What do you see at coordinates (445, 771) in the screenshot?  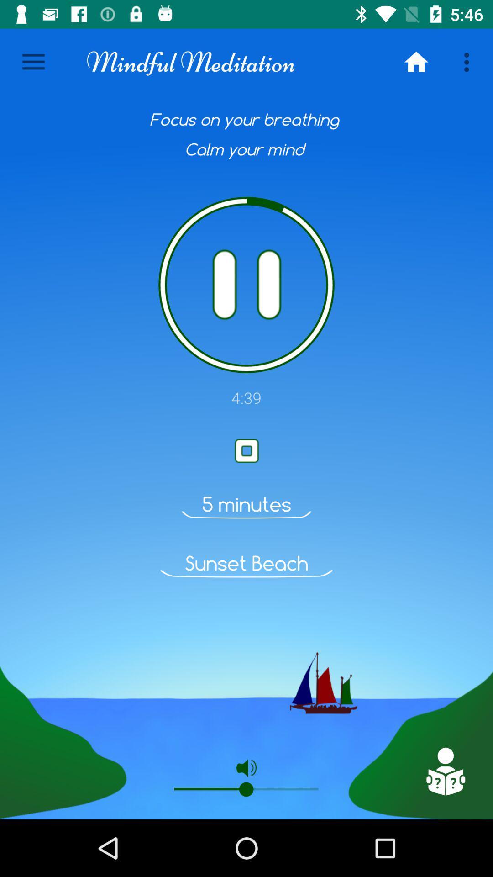 I see `faq page` at bounding box center [445, 771].